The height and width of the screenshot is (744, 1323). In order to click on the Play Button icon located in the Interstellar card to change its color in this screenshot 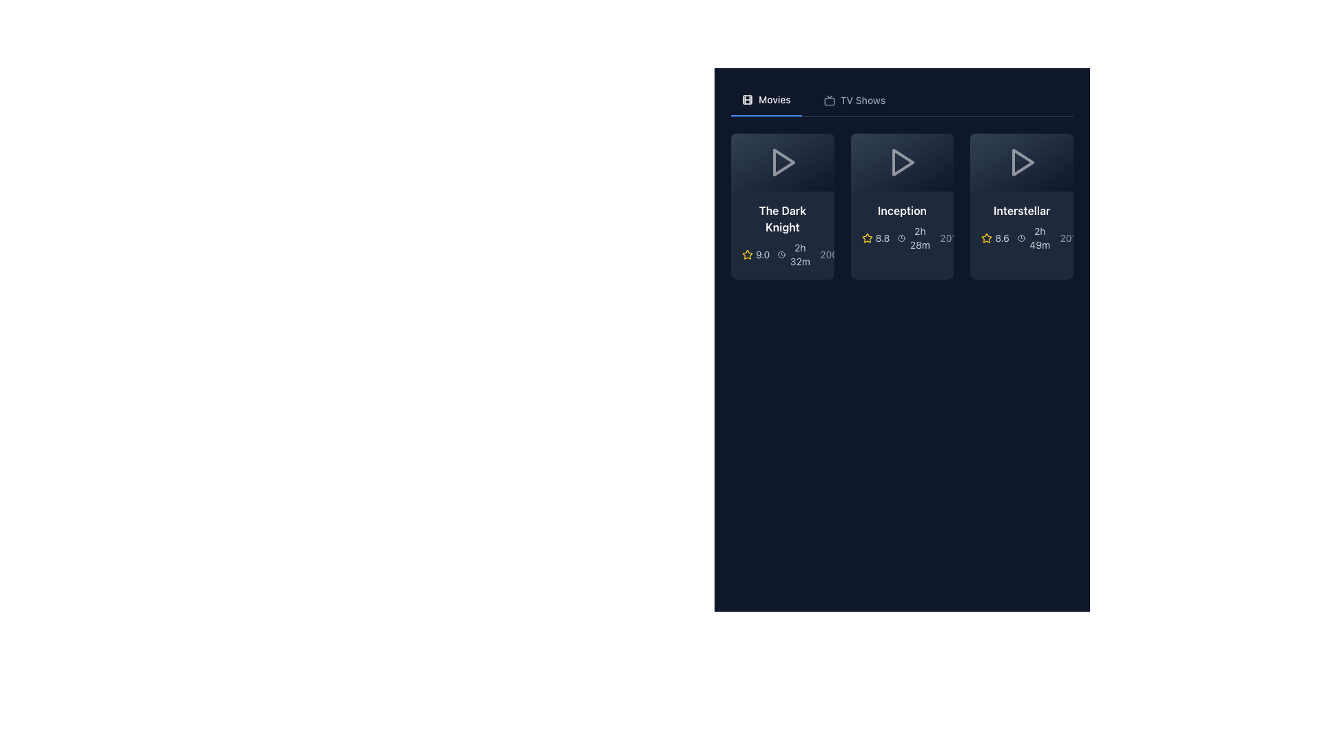, I will do `click(1022, 162)`.